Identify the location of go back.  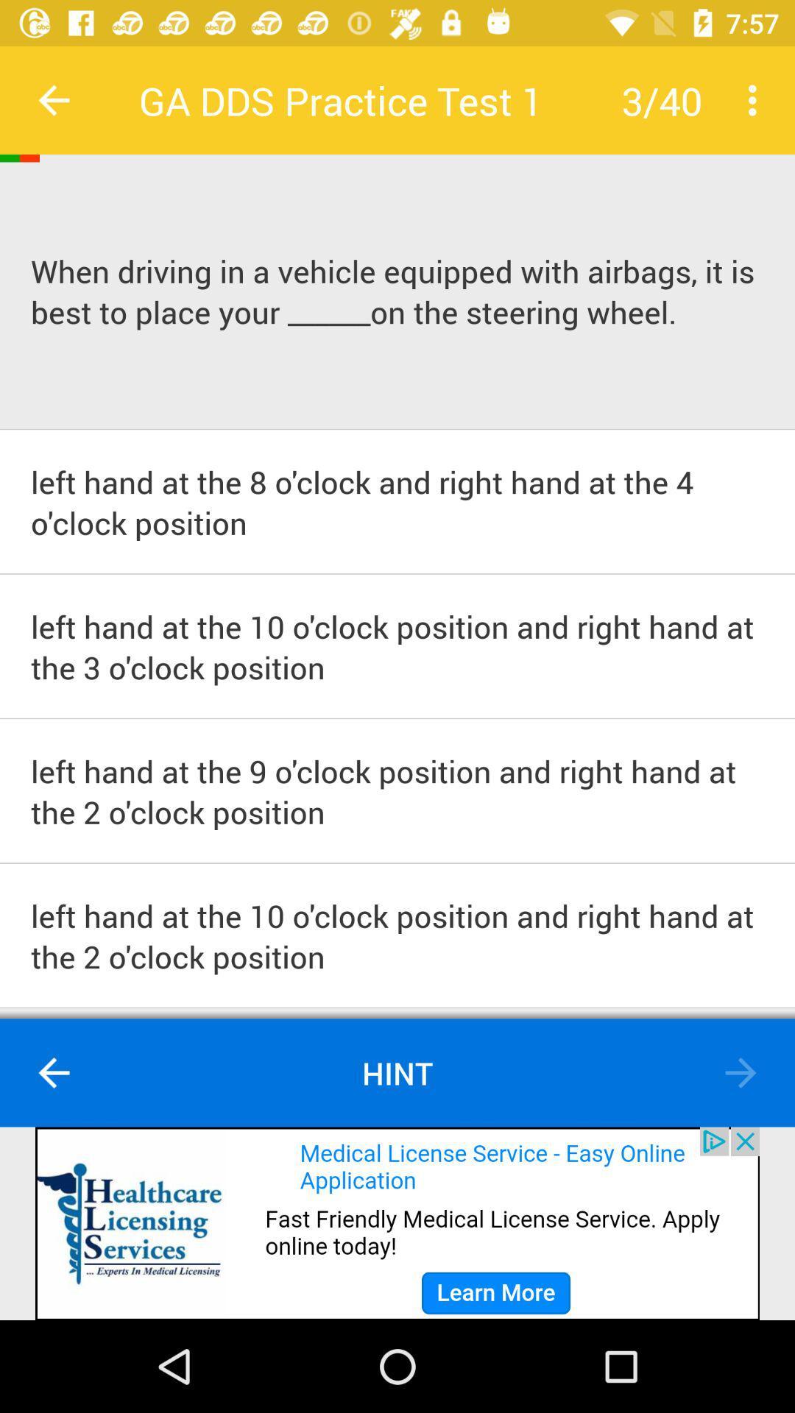
(53, 99).